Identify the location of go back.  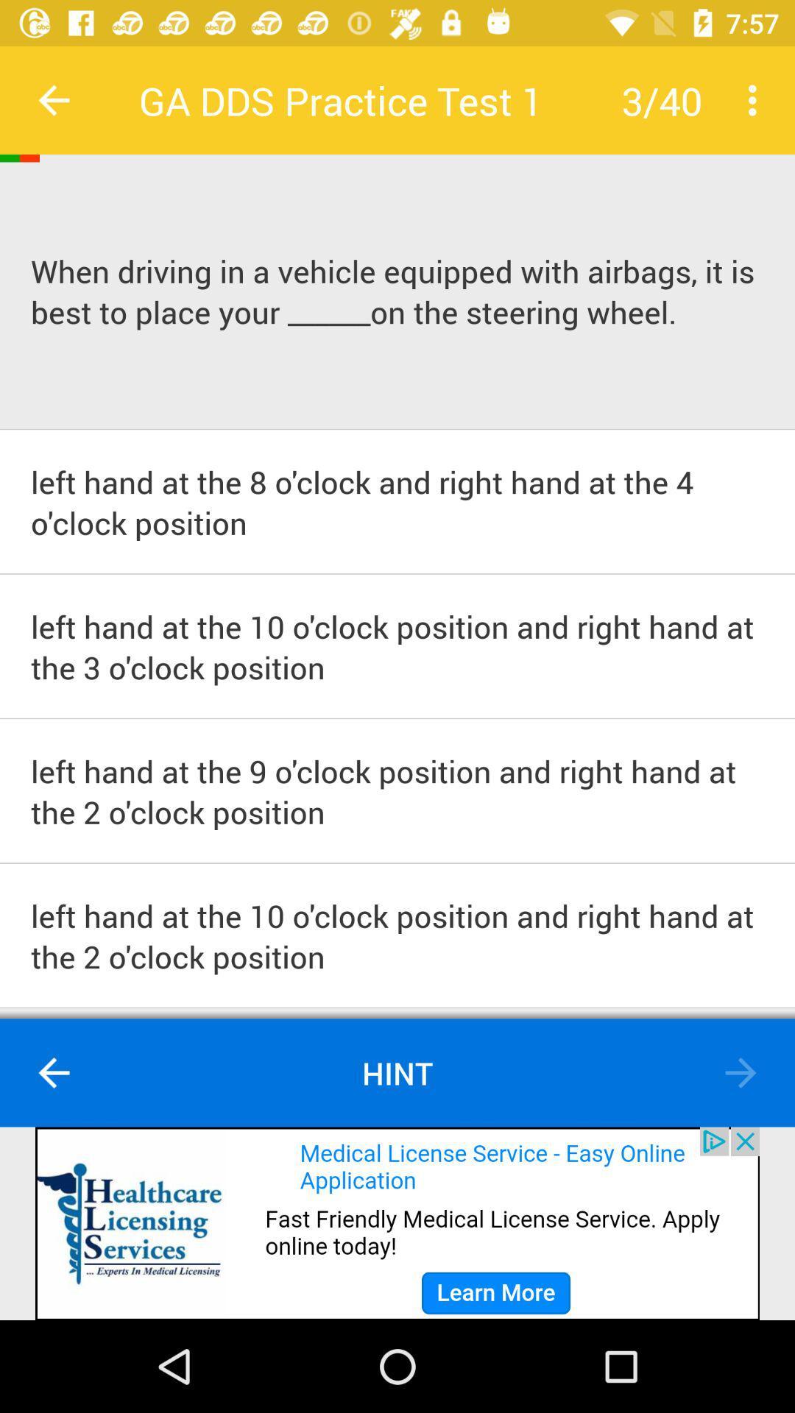
(53, 99).